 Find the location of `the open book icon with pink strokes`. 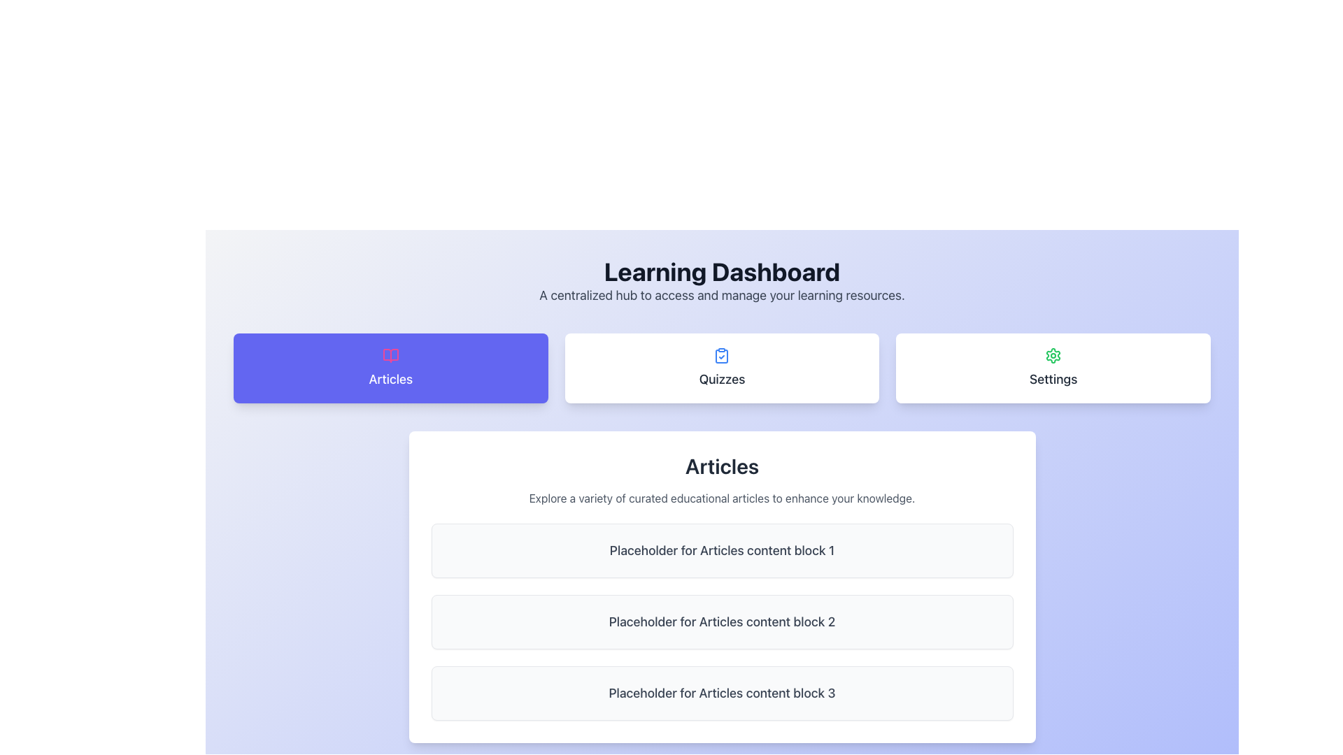

the open book icon with pink strokes is located at coordinates (390, 355).